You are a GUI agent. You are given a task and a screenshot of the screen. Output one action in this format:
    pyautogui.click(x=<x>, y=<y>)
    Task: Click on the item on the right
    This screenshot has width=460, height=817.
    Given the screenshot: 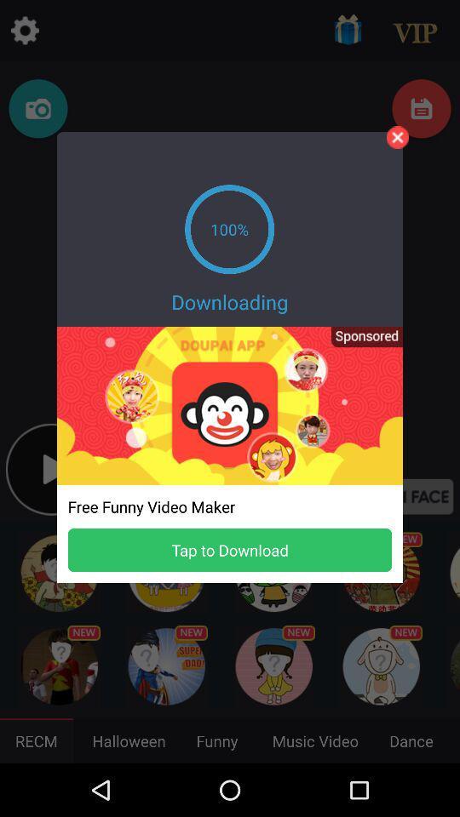 What is the action you would take?
    pyautogui.click(x=360, y=341)
    